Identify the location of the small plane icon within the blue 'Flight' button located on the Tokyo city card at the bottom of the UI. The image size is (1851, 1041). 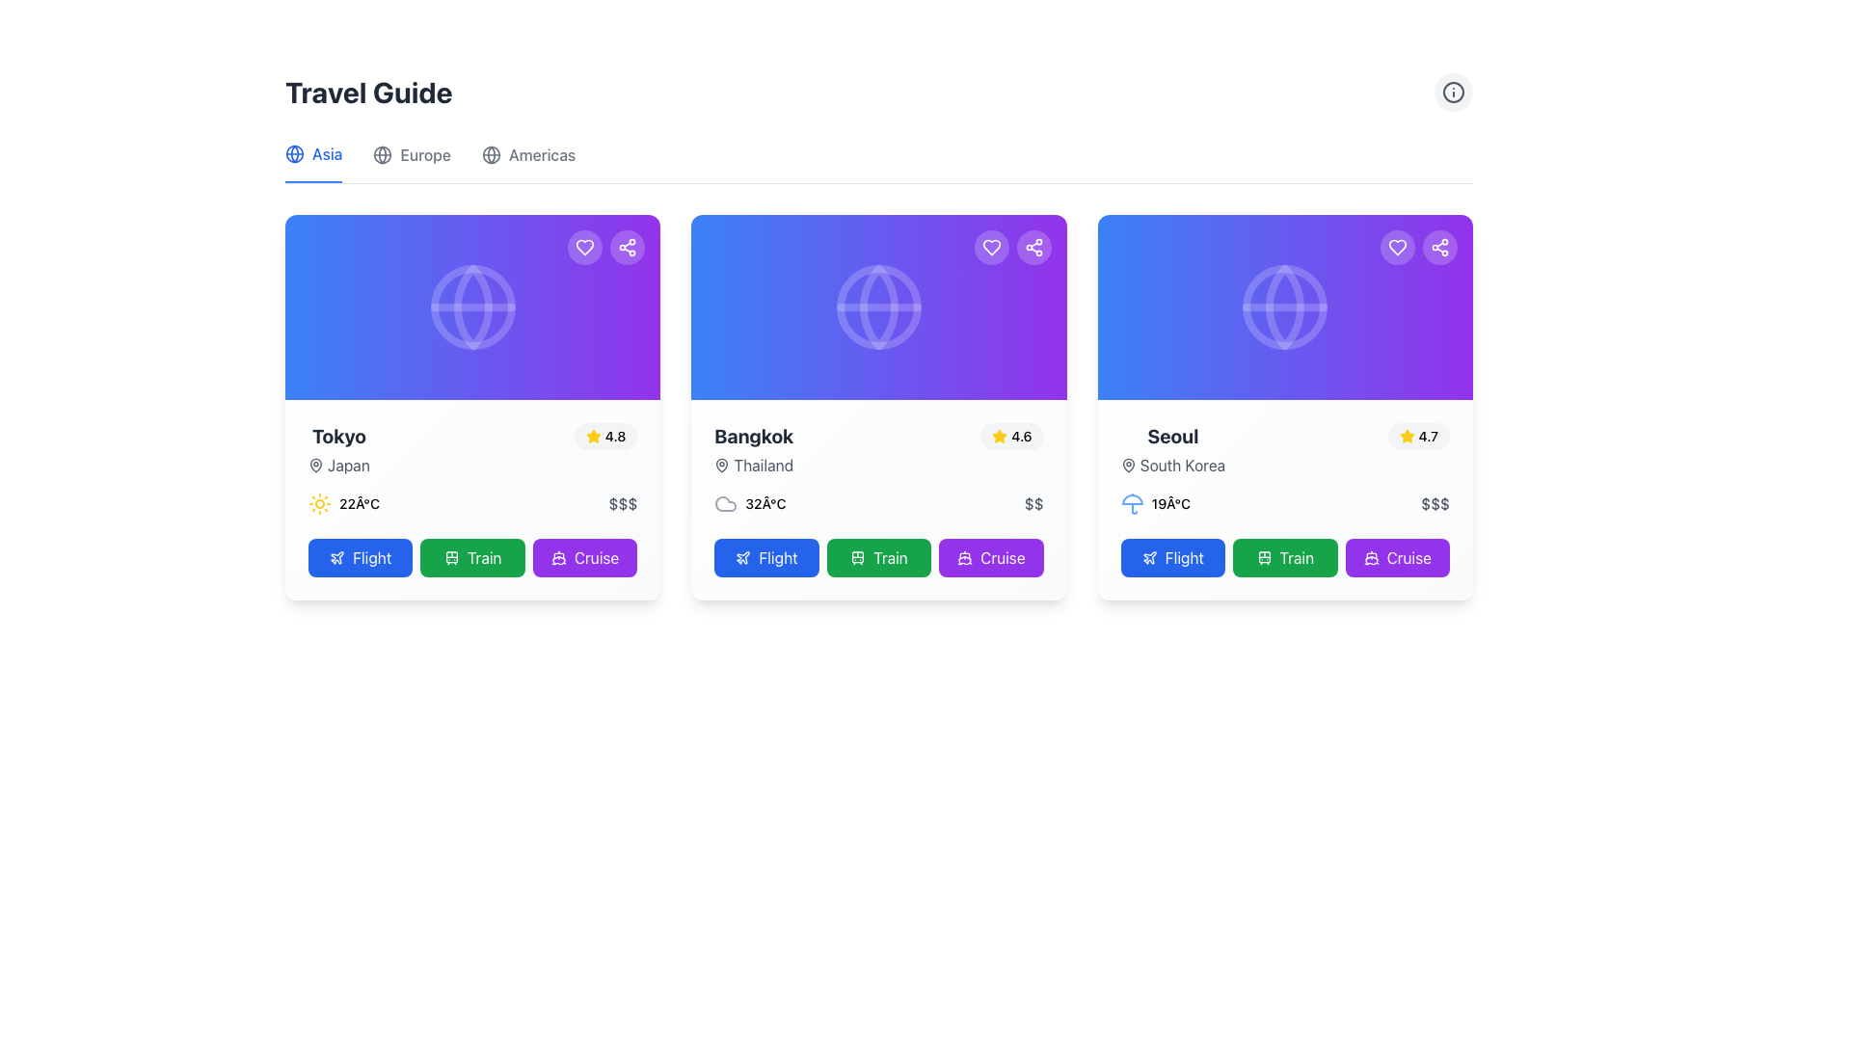
(337, 557).